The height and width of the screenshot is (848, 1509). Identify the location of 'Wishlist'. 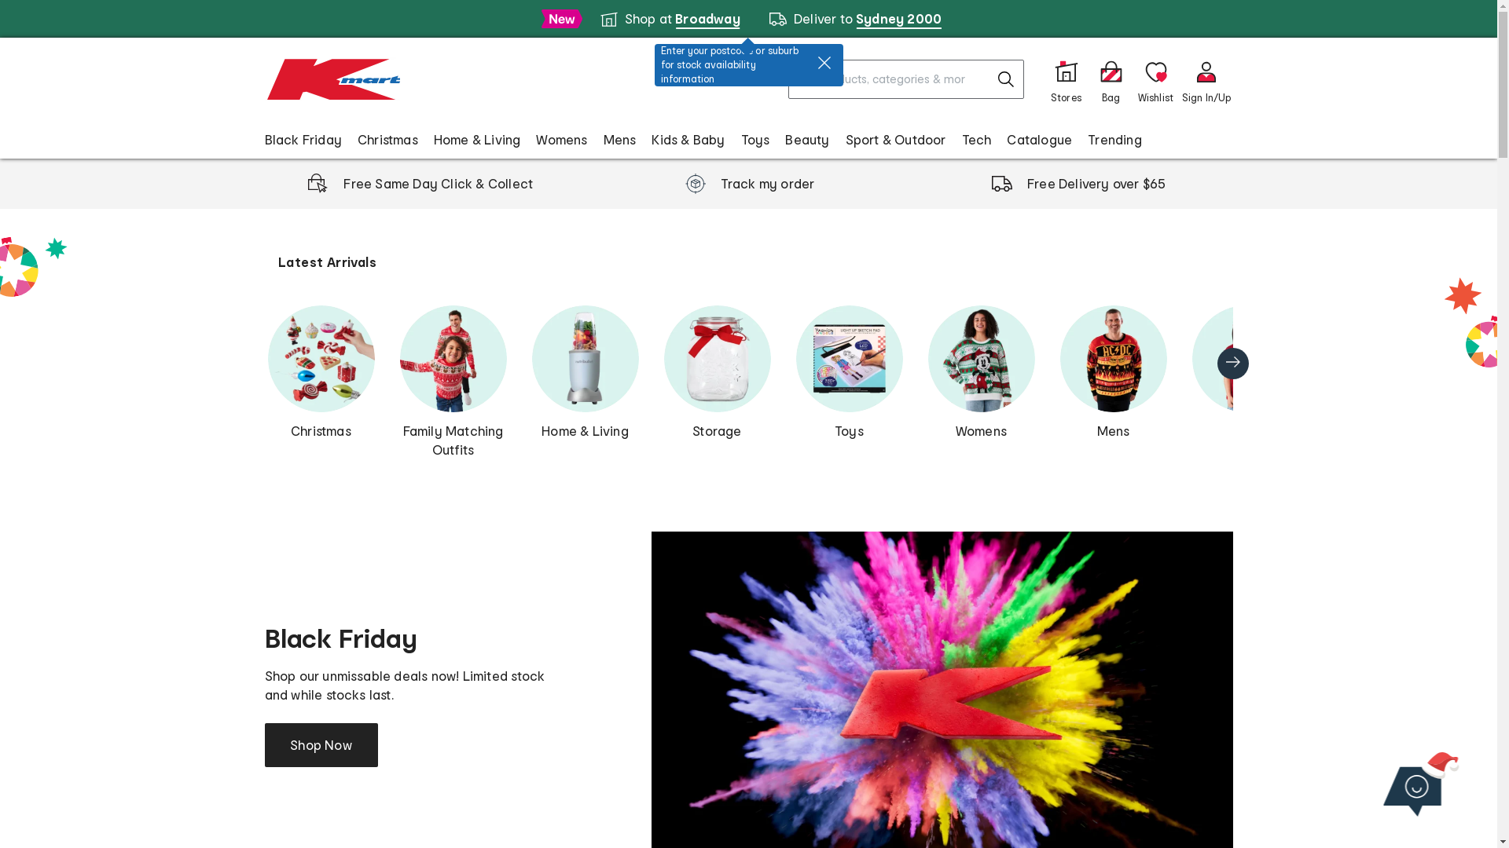
(1155, 79).